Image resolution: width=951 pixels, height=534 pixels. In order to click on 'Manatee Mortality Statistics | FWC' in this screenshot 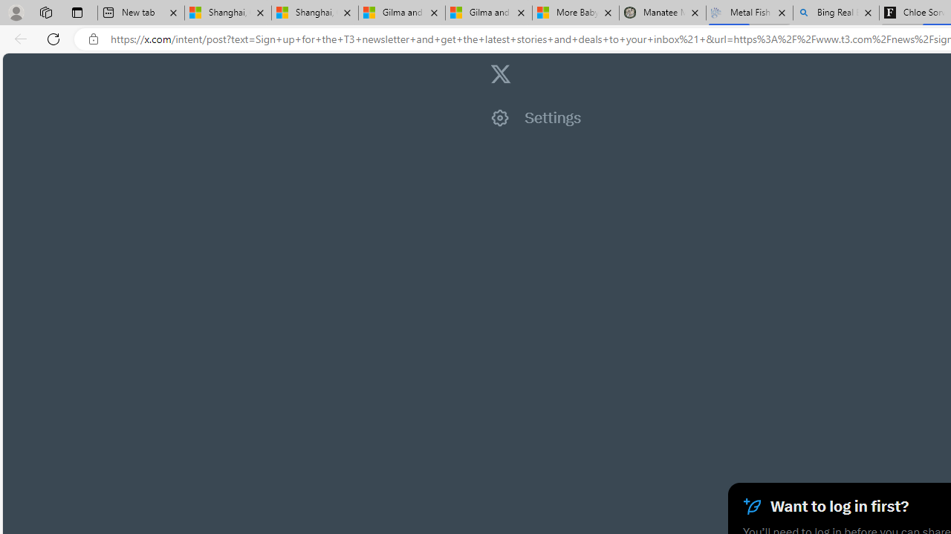, I will do `click(662, 13)`.